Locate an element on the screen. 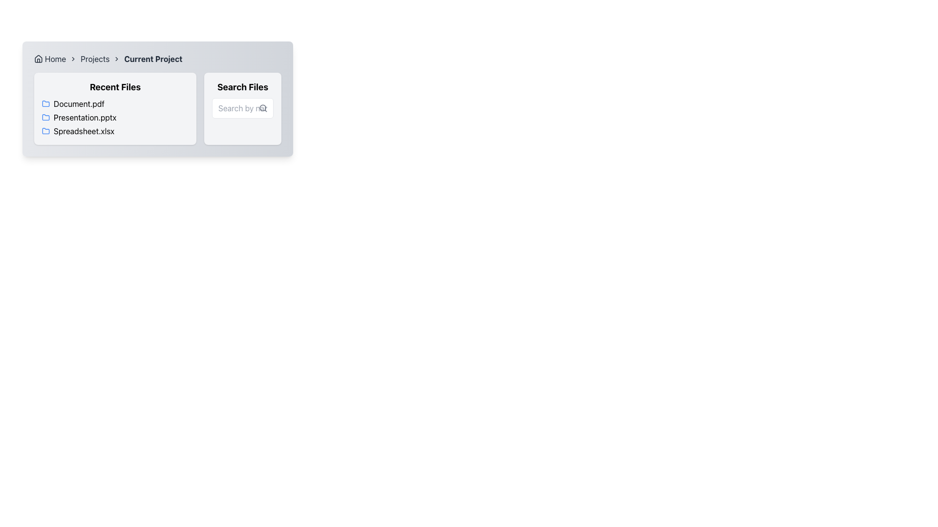 This screenshot has height=527, width=938. the rightward-pointing chevron icon located between the 'Home' and 'Projects' links in the navigation breadcrumb section is located at coordinates (73, 59).